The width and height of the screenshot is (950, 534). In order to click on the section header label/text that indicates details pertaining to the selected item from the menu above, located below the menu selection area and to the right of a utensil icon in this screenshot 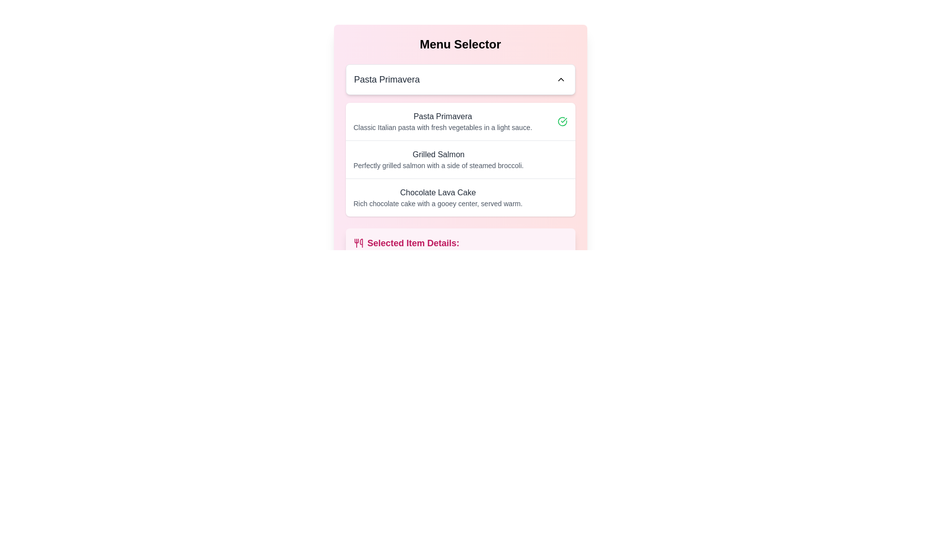, I will do `click(413, 243)`.